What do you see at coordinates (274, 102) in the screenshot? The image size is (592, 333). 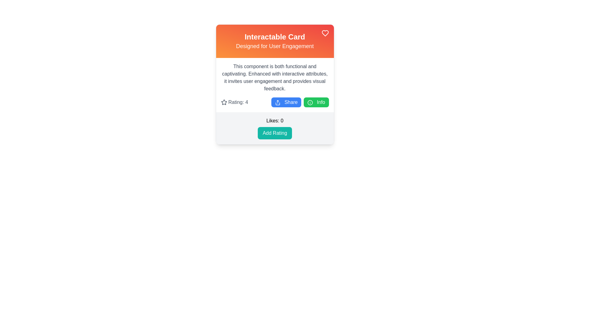 I see `the Interactive Rating Bar located at the bottom of the card, directly below the descriptive text` at bounding box center [274, 102].